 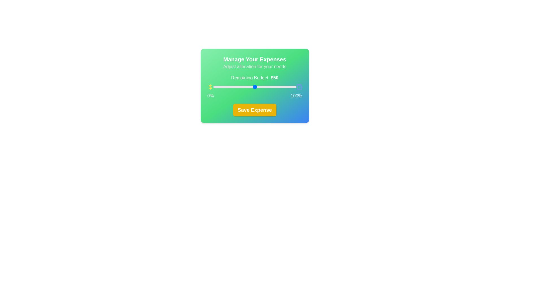 I want to click on the slider to set the budget allocation to 66%, so click(x=268, y=87).